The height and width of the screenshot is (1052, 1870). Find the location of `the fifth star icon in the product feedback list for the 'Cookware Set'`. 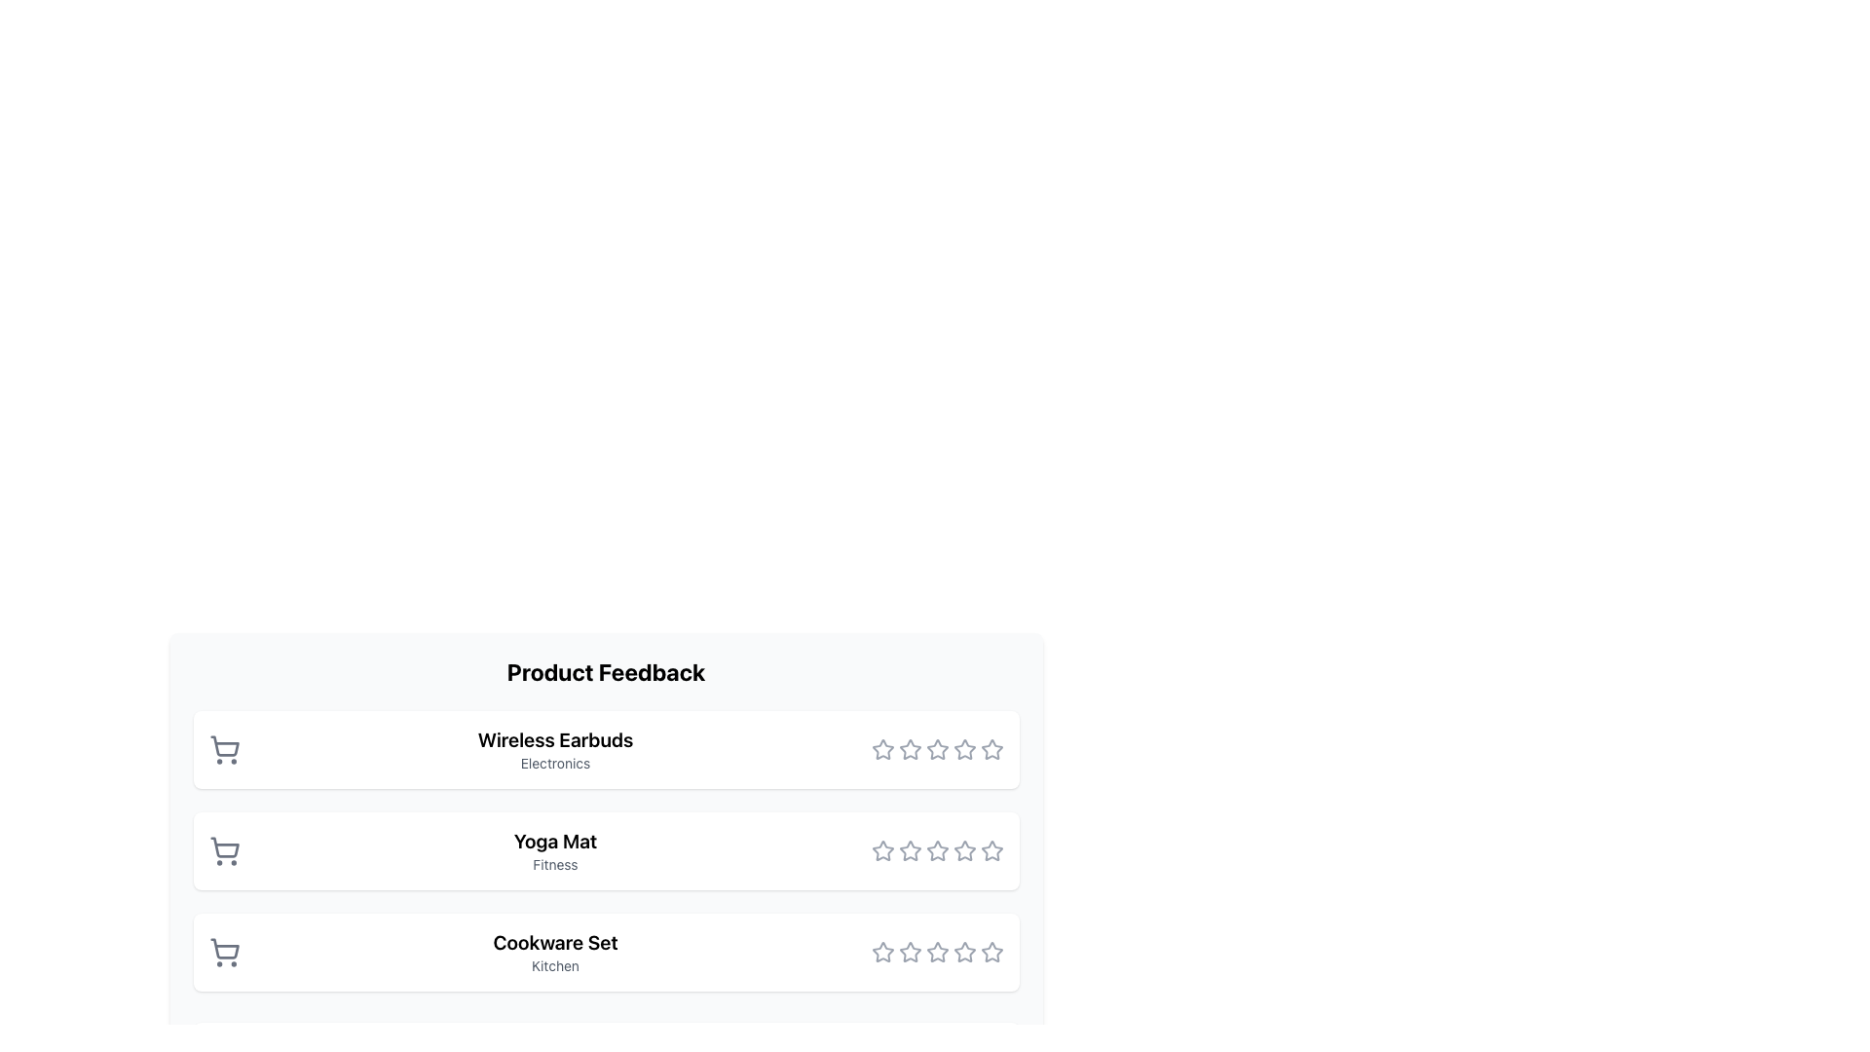

the fifth star icon in the product feedback list for the 'Cookware Set' is located at coordinates (991, 951).